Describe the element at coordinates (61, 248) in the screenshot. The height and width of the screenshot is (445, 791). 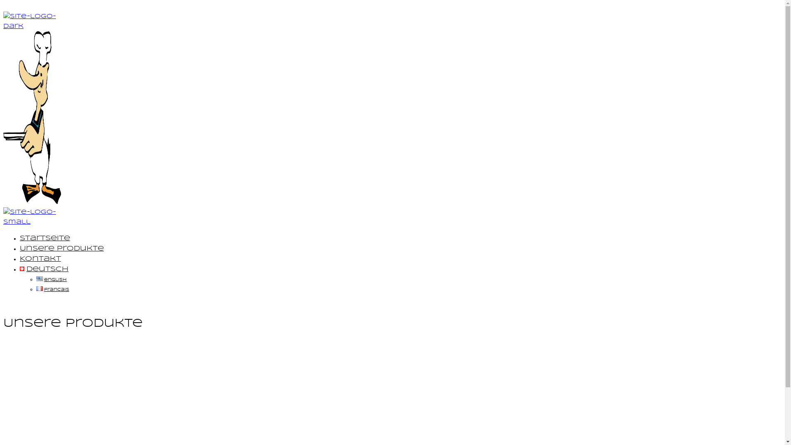
I see `'Unsere Produkte'` at that location.